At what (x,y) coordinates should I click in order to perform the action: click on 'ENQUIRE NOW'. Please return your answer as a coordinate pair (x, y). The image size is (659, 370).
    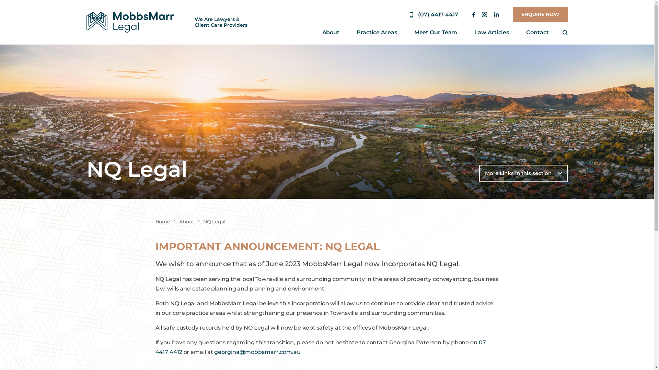
    Looking at the image, I should click on (540, 14).